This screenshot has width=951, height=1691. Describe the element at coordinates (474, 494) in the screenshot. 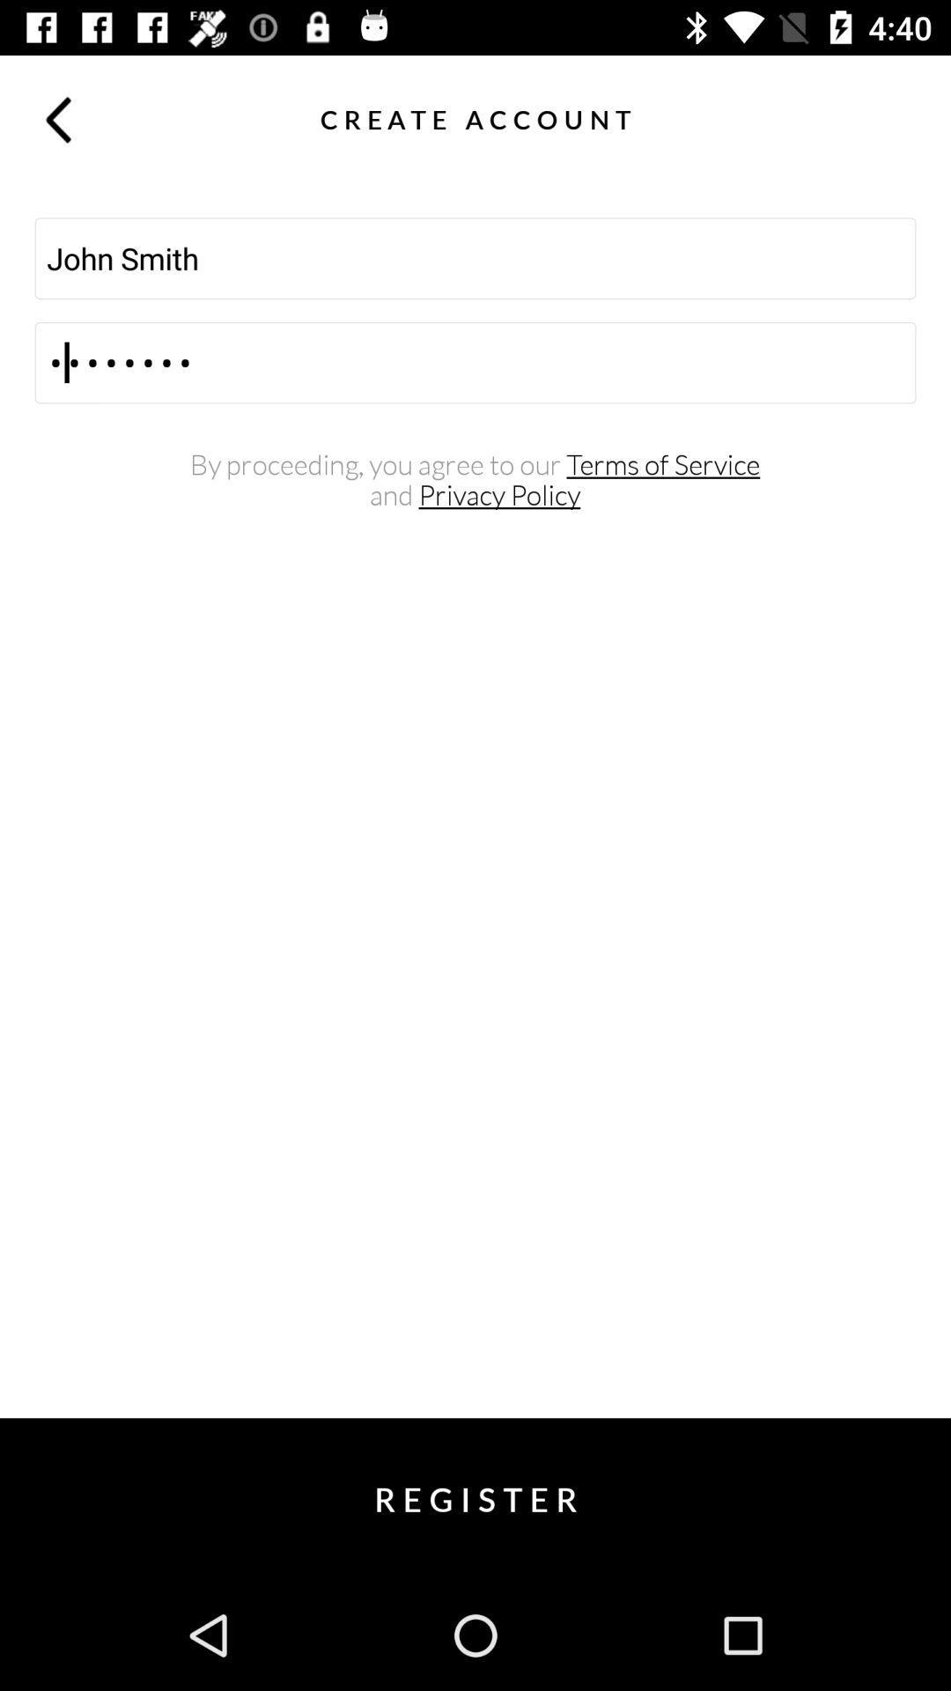

I see `icon below the by proceeding you icon` at that location.